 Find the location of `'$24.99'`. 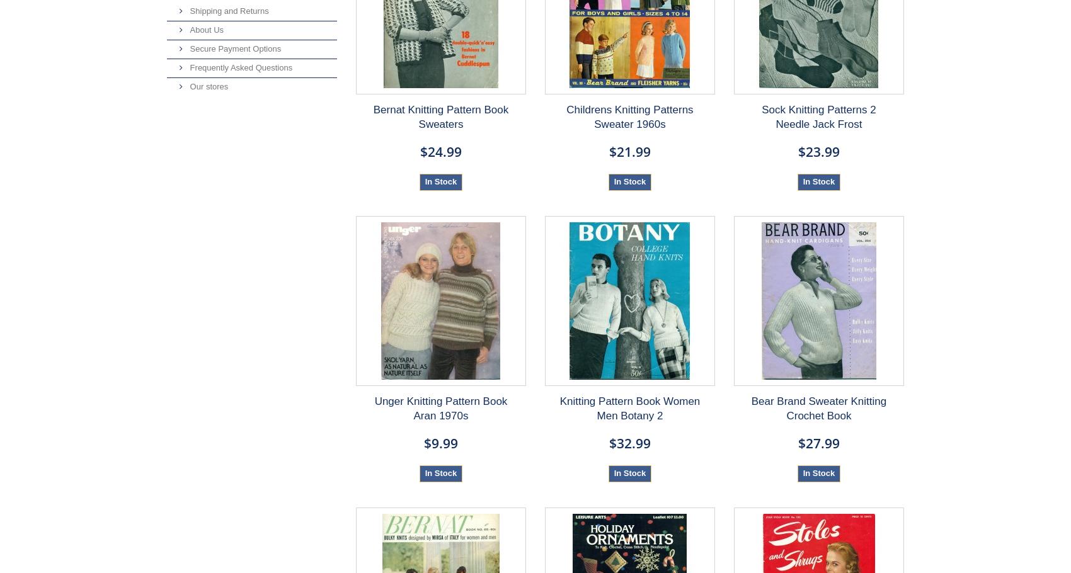

'$24.99' is located at coordinates (440, 150).